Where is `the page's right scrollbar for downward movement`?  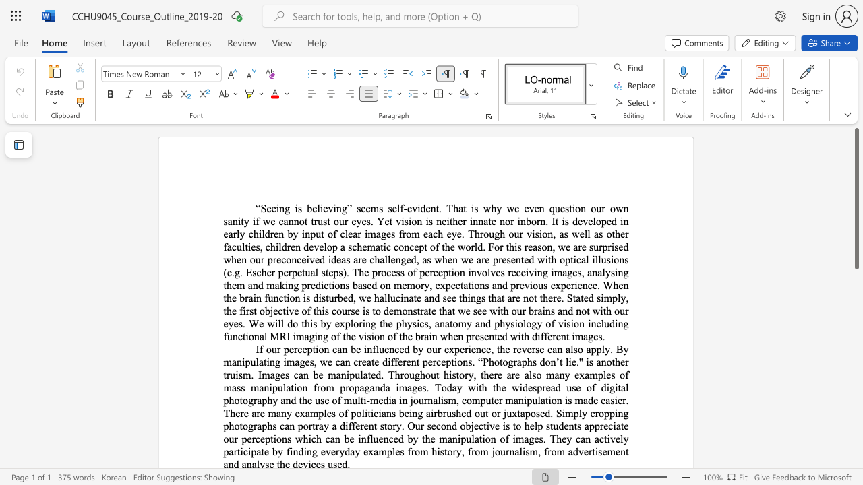
the page's right scrollbar for downward movement is located at coordinates (856, 403).